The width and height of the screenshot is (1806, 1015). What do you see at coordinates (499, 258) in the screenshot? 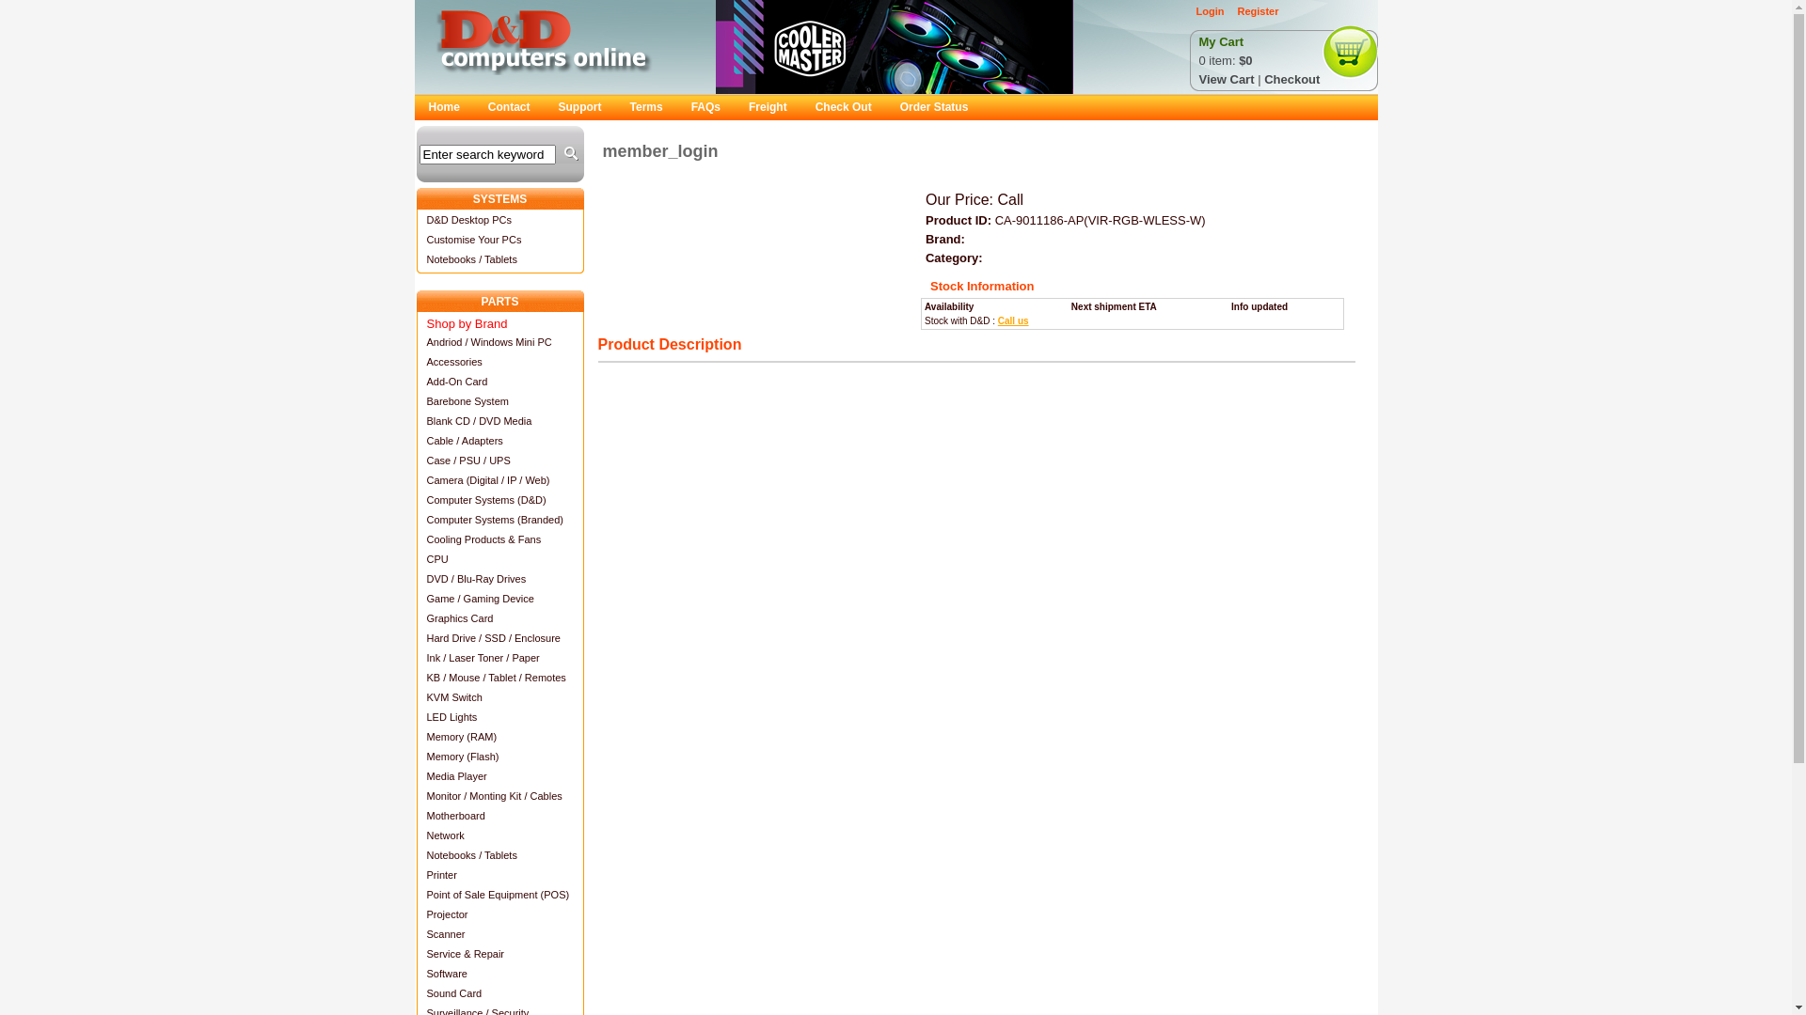
I see `'Notebooks / Tablets'` at bounding box center [499, 258].